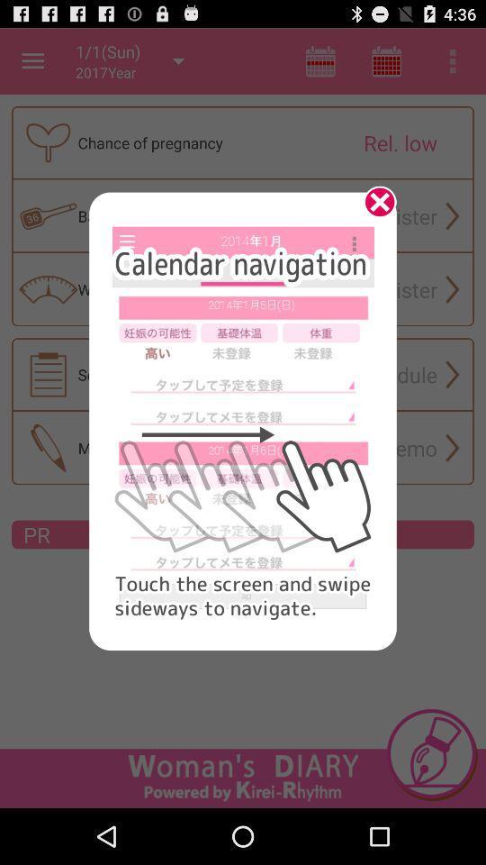  Describe the element at coordinates (373, 208) in the screenshot. I see `tutorial` at that location.